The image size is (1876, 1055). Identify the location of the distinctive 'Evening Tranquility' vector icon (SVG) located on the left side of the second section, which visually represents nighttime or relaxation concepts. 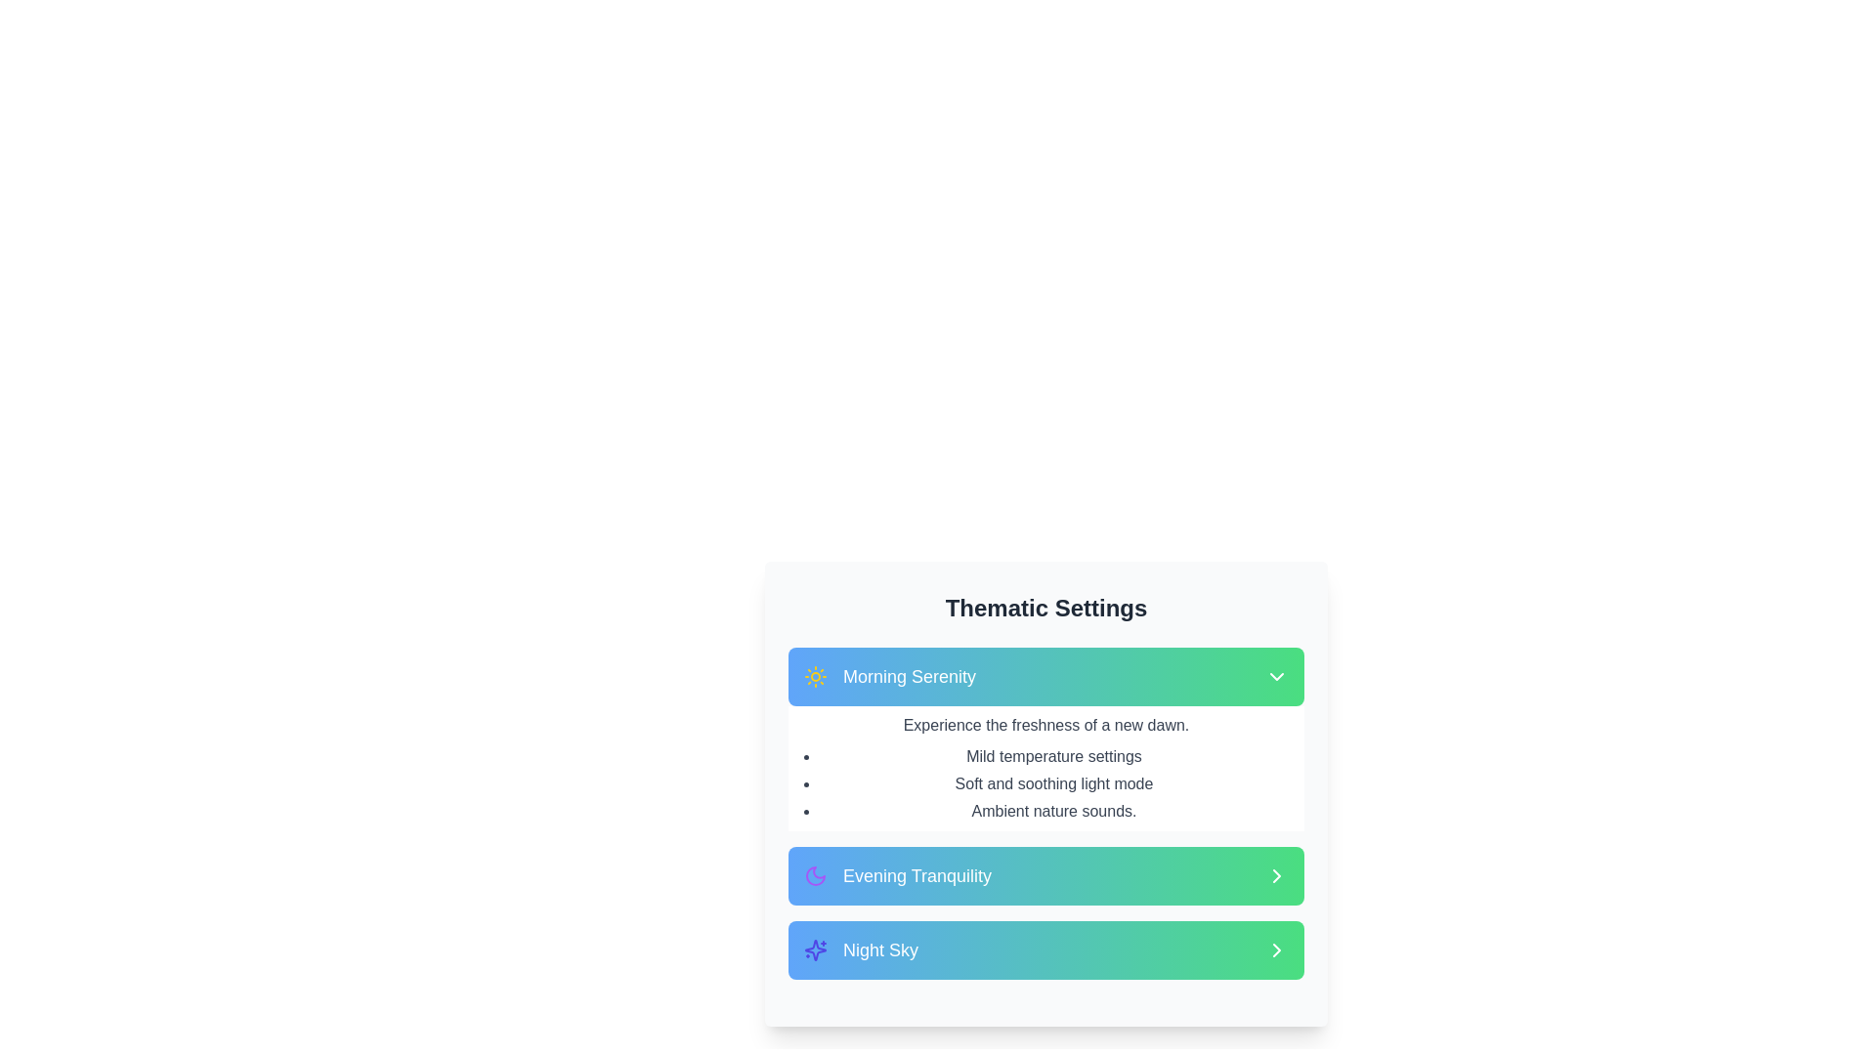
(816, 875).